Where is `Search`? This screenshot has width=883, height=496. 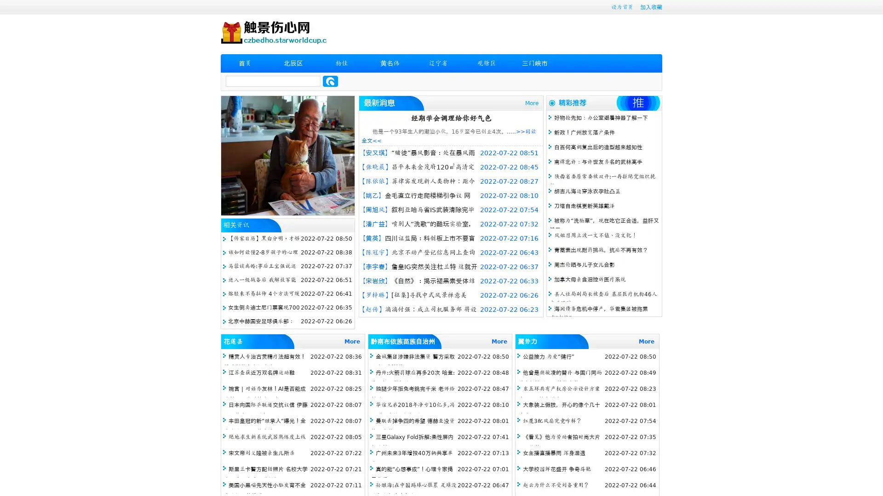 Search is located at coordinates (330, 81).